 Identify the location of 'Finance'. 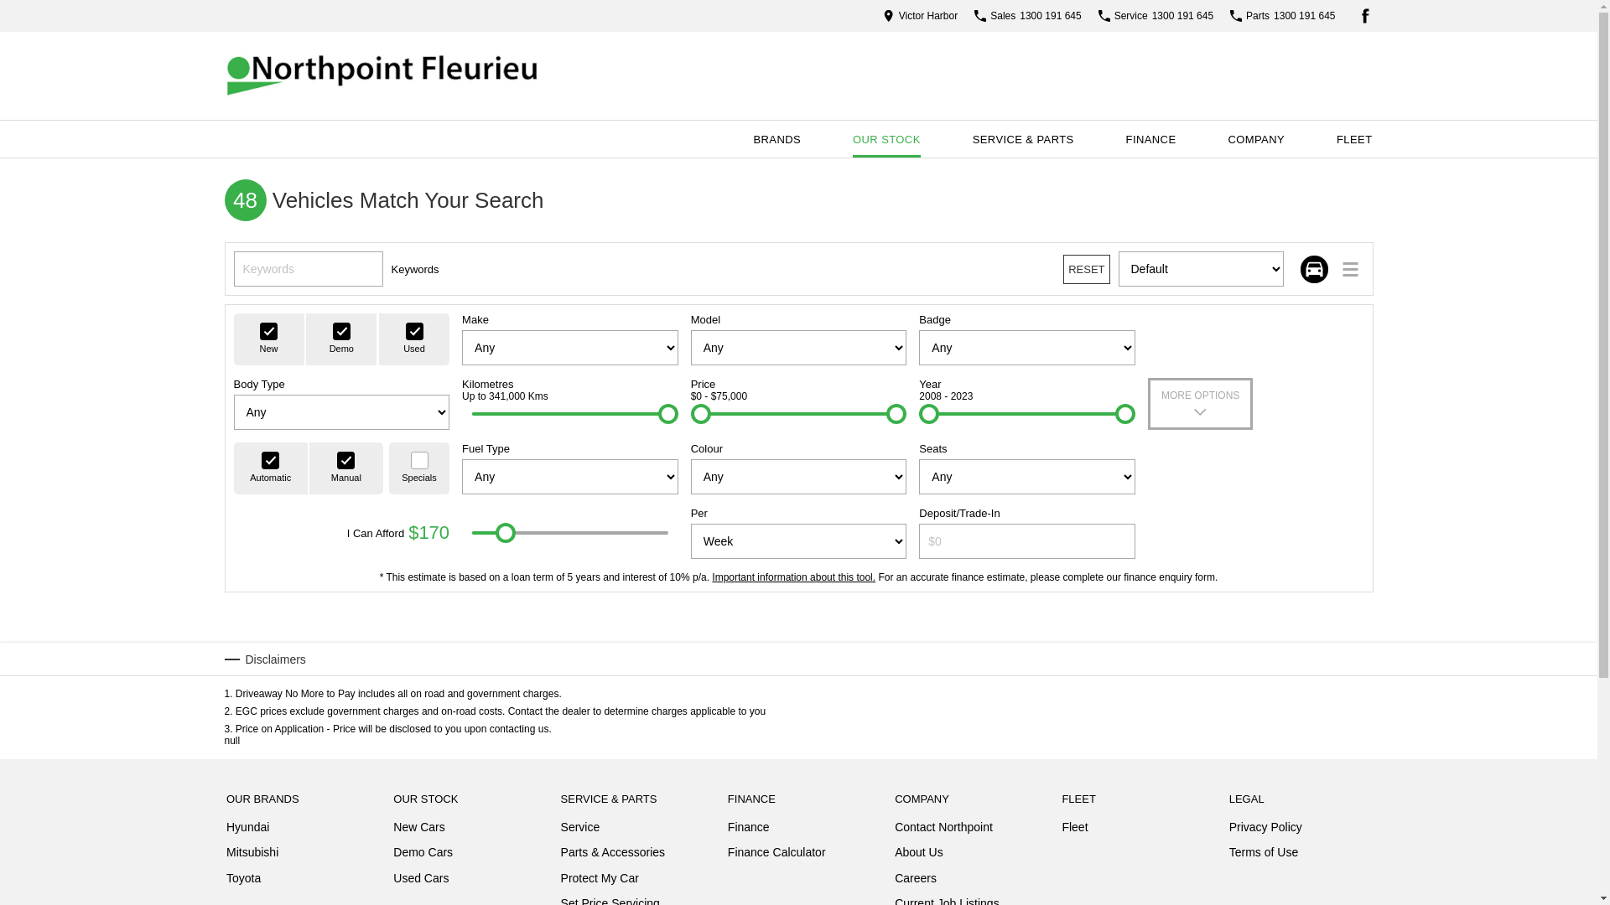
(728, 830).